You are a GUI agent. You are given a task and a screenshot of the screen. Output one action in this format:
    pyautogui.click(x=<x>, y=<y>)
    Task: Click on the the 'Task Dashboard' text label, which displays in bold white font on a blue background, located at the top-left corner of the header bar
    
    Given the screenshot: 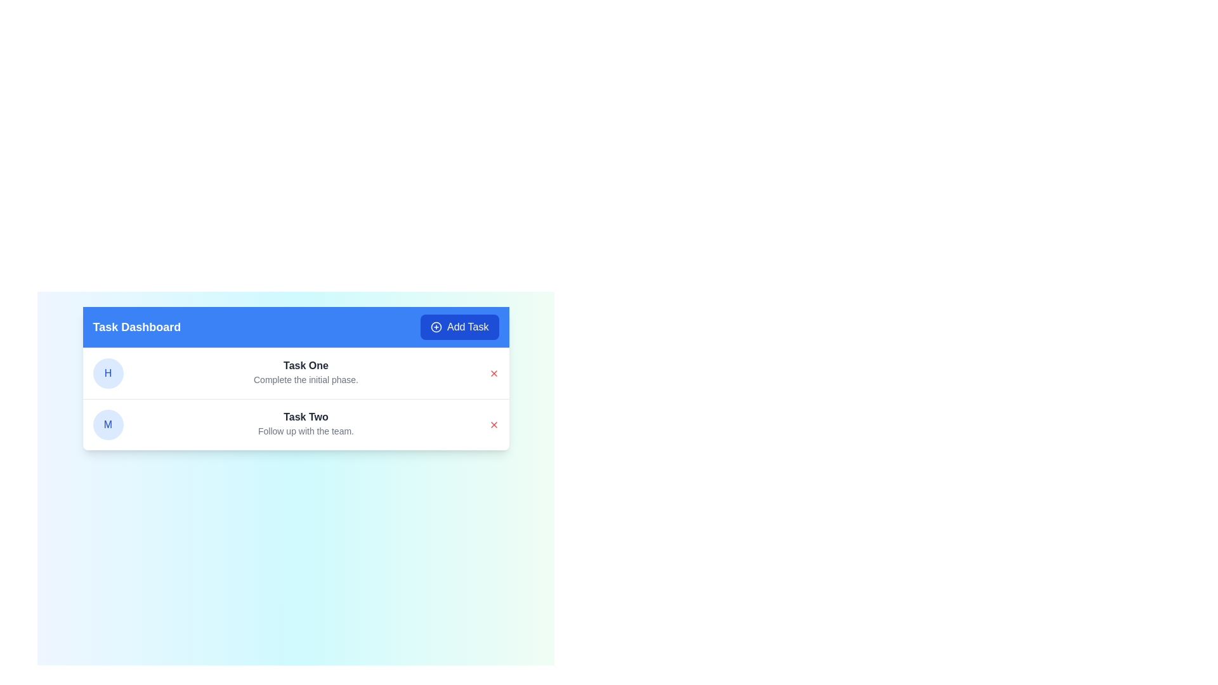 What is the action you would take?
    pyautogui.click(x=136, y=327)
    